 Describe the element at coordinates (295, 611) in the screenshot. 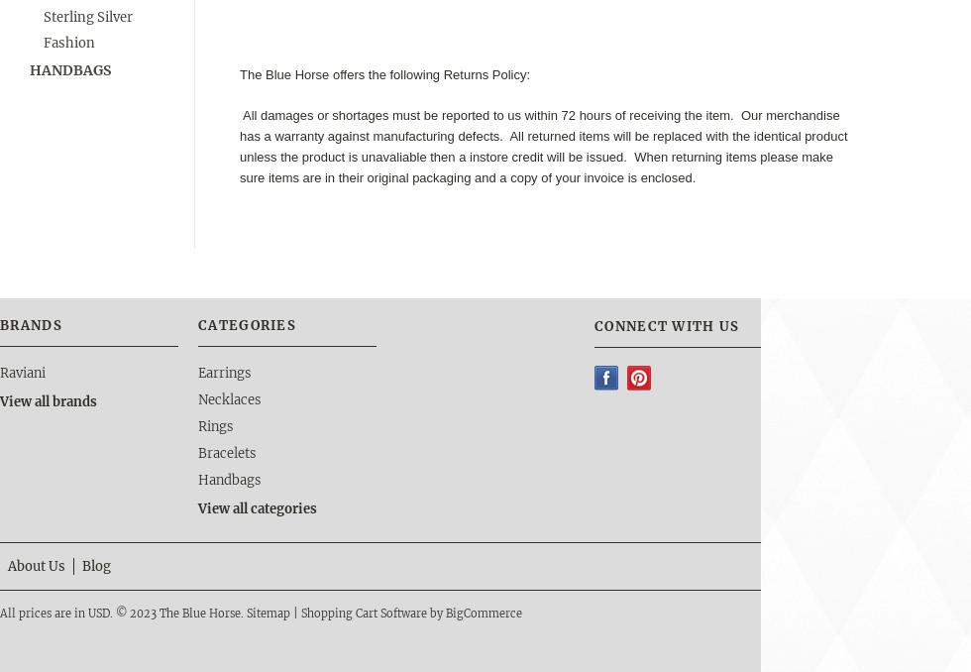

I see `'|'` at that location.